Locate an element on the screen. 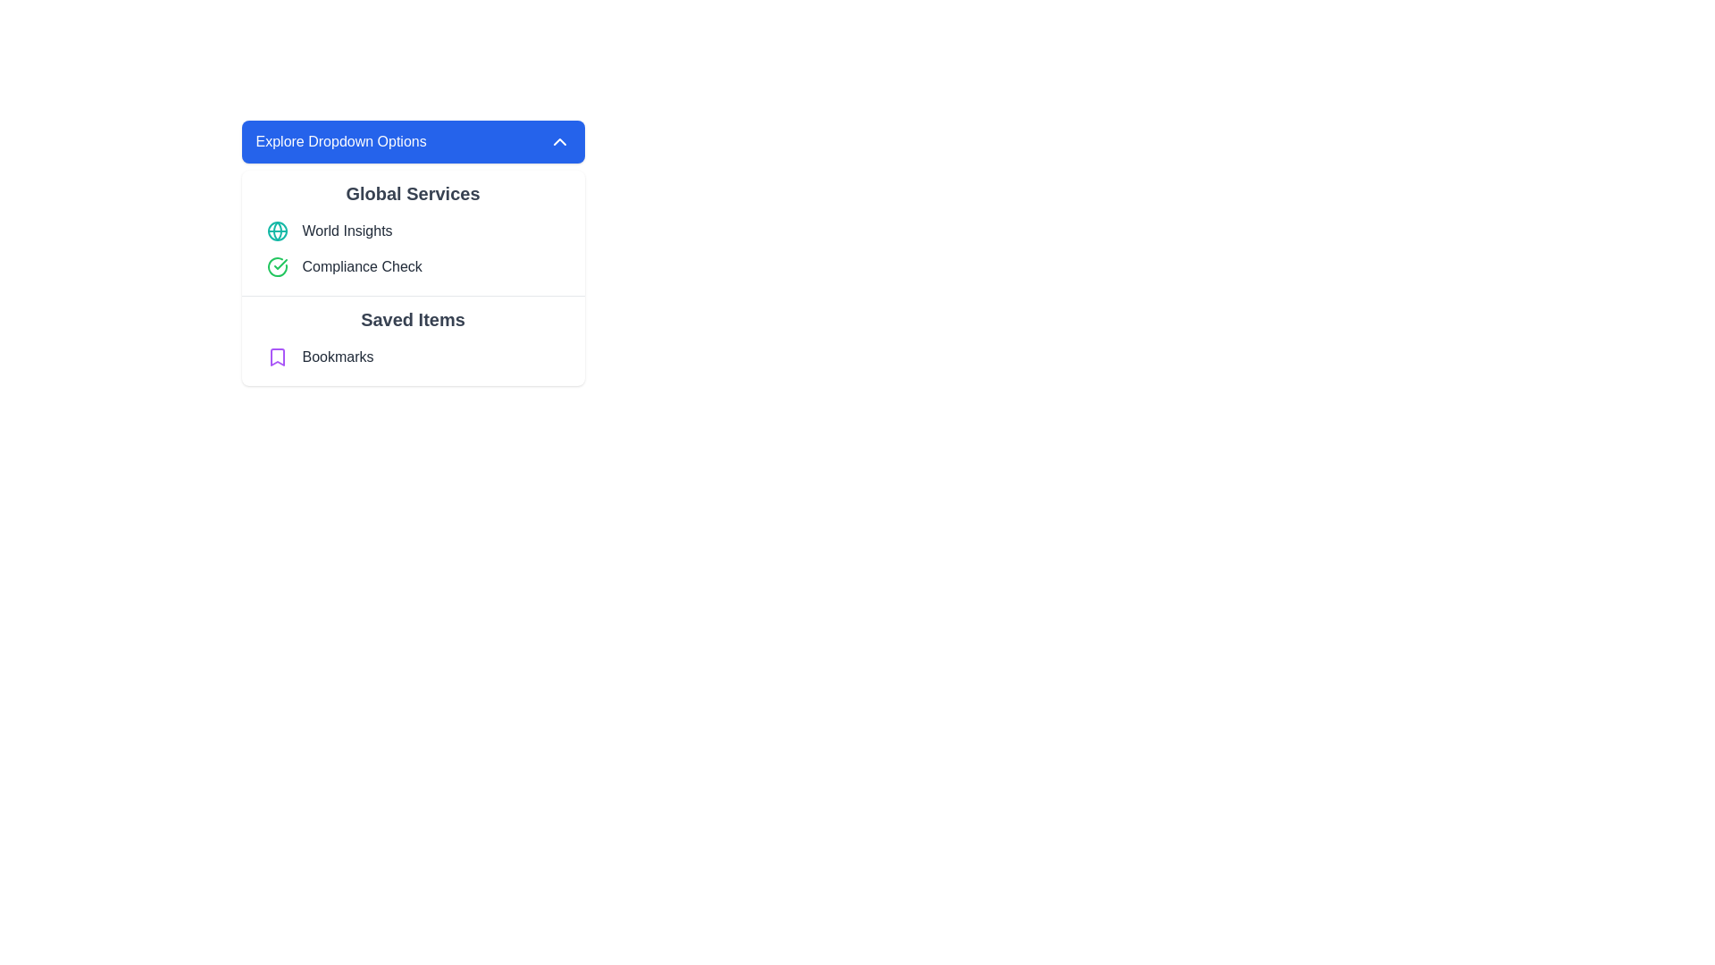 Image resolution: width=1715 pixels, height=965 pixels. the SVG circle element representing the 'World Insights' option within the 'Global Services' section of the 'Explore Dropdown Options' menu is located at coordinates (276, 230).